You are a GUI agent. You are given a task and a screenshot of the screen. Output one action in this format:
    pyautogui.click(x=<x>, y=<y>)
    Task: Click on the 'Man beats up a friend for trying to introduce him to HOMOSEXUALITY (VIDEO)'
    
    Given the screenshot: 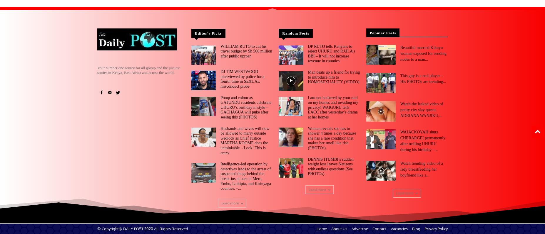 What is the action you would take?
    pyautogui.click(x=307, y=76)
    